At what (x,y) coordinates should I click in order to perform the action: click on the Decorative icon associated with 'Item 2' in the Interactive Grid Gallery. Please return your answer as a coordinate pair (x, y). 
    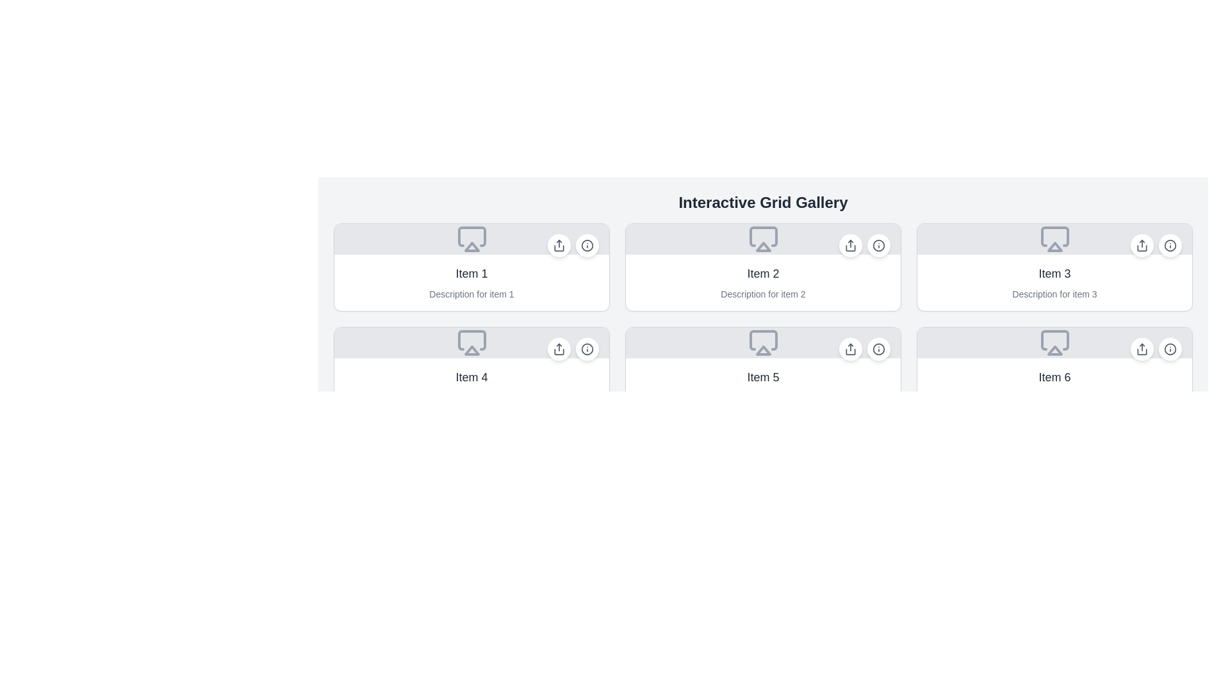
    Looking at the image, I should click on (763, 246).